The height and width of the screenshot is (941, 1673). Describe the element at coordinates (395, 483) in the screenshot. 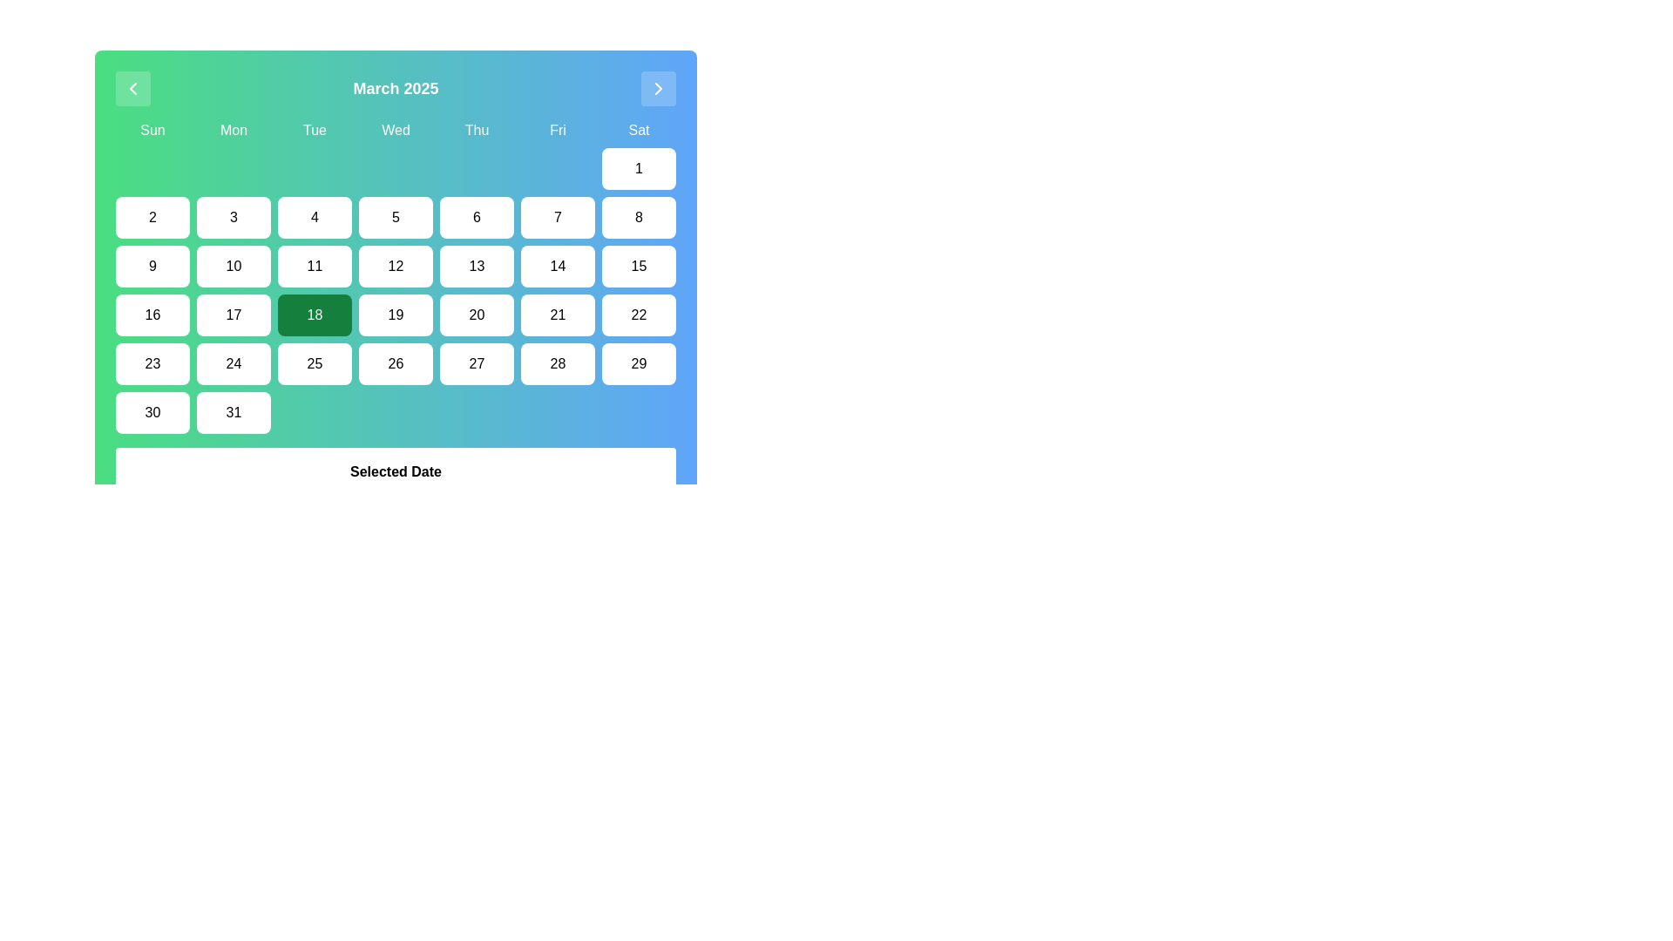

I see `the Informational panel that displays 'Selected Date' and the formatted date 'Tue Mar 18 2025'` at that location.